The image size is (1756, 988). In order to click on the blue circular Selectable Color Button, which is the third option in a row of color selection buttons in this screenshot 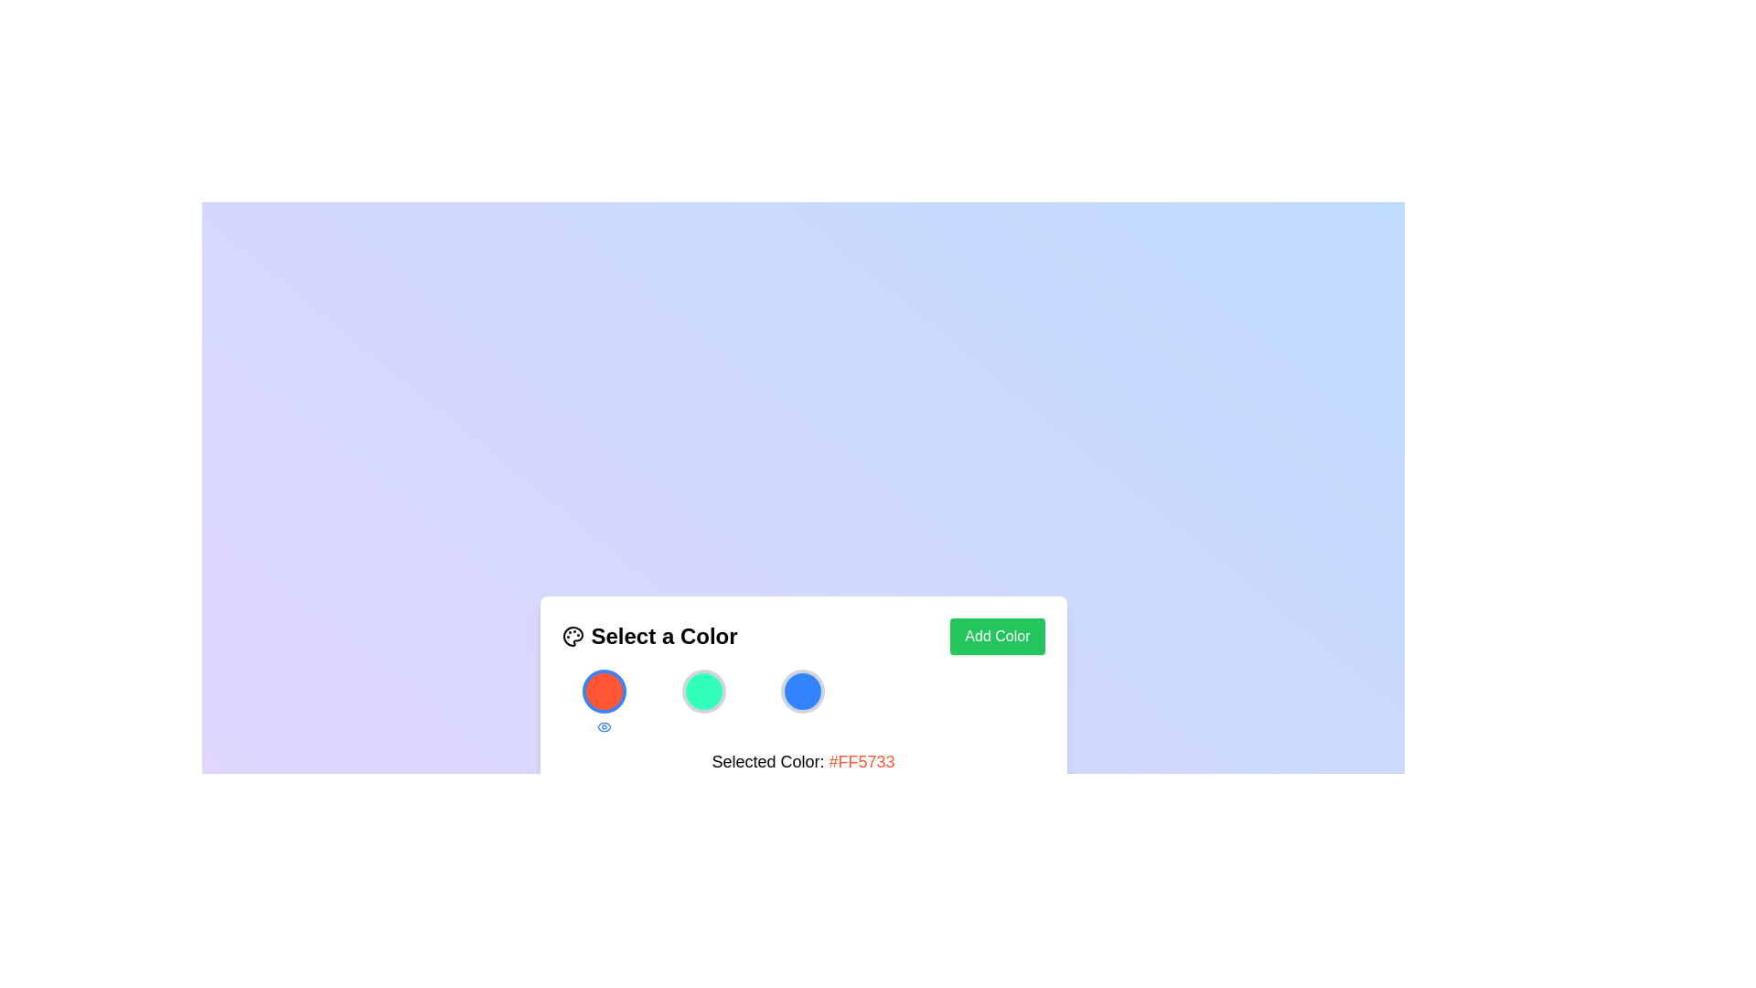, I will do `click(803, 701)`.